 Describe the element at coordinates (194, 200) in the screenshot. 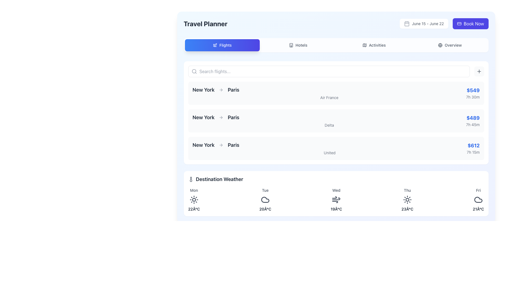

I see `the central circular element within the sun-like icon in the 'Destination Weather' section beneath the 'Mon' column` at that location.